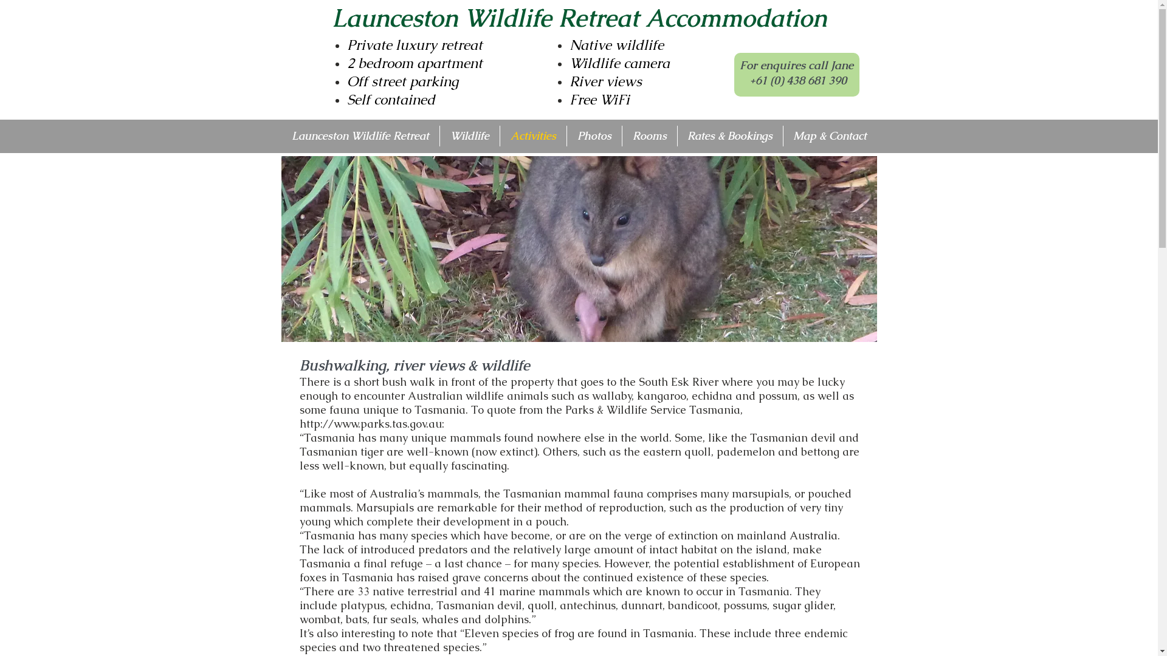  Describe the element at coordinates (649, 135) in the screenshot. I see `'Rooms'` at that location.